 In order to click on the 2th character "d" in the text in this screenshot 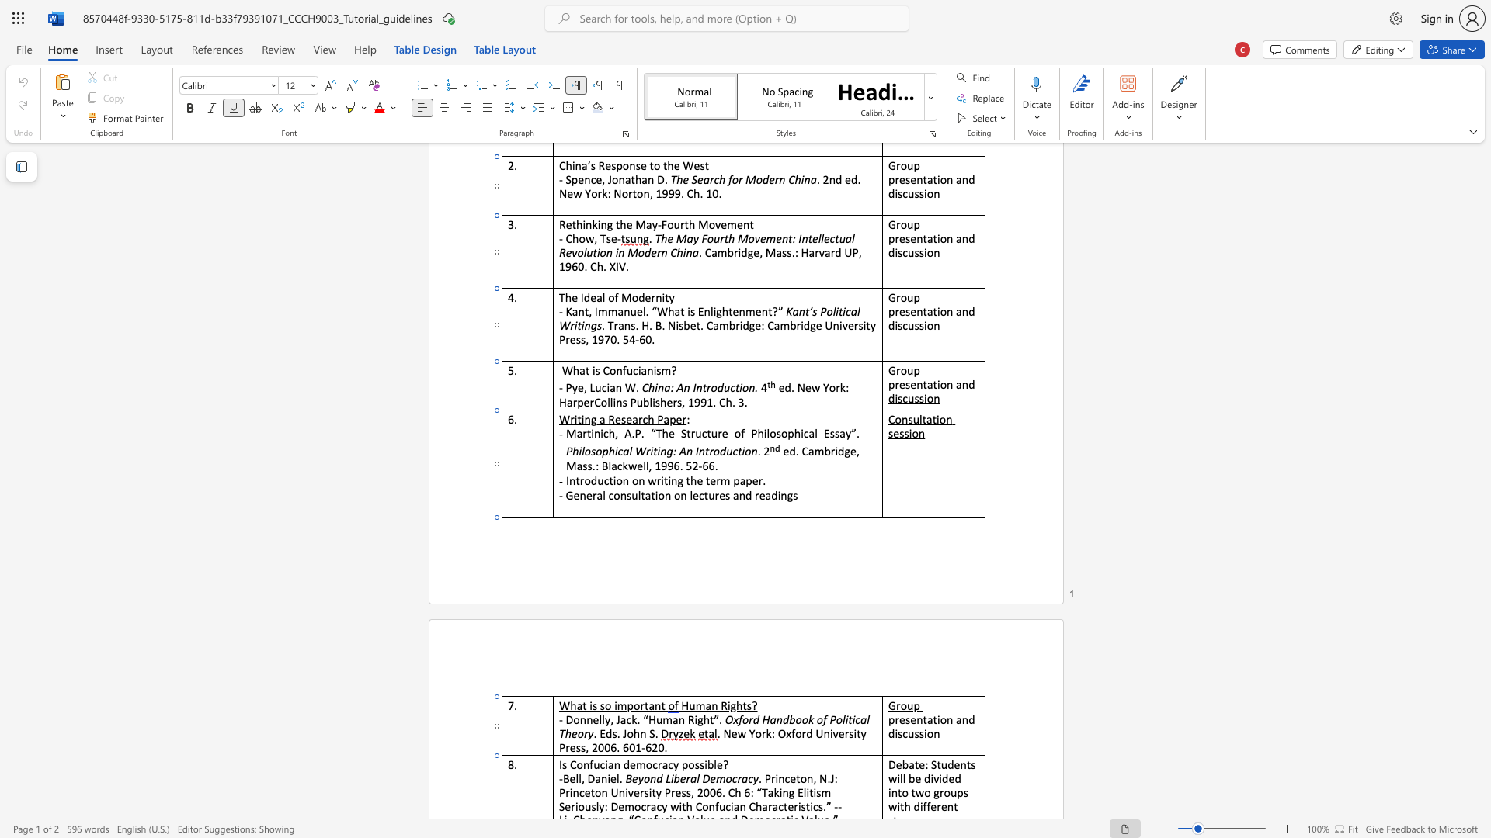, I will do `click(786, 719)`.